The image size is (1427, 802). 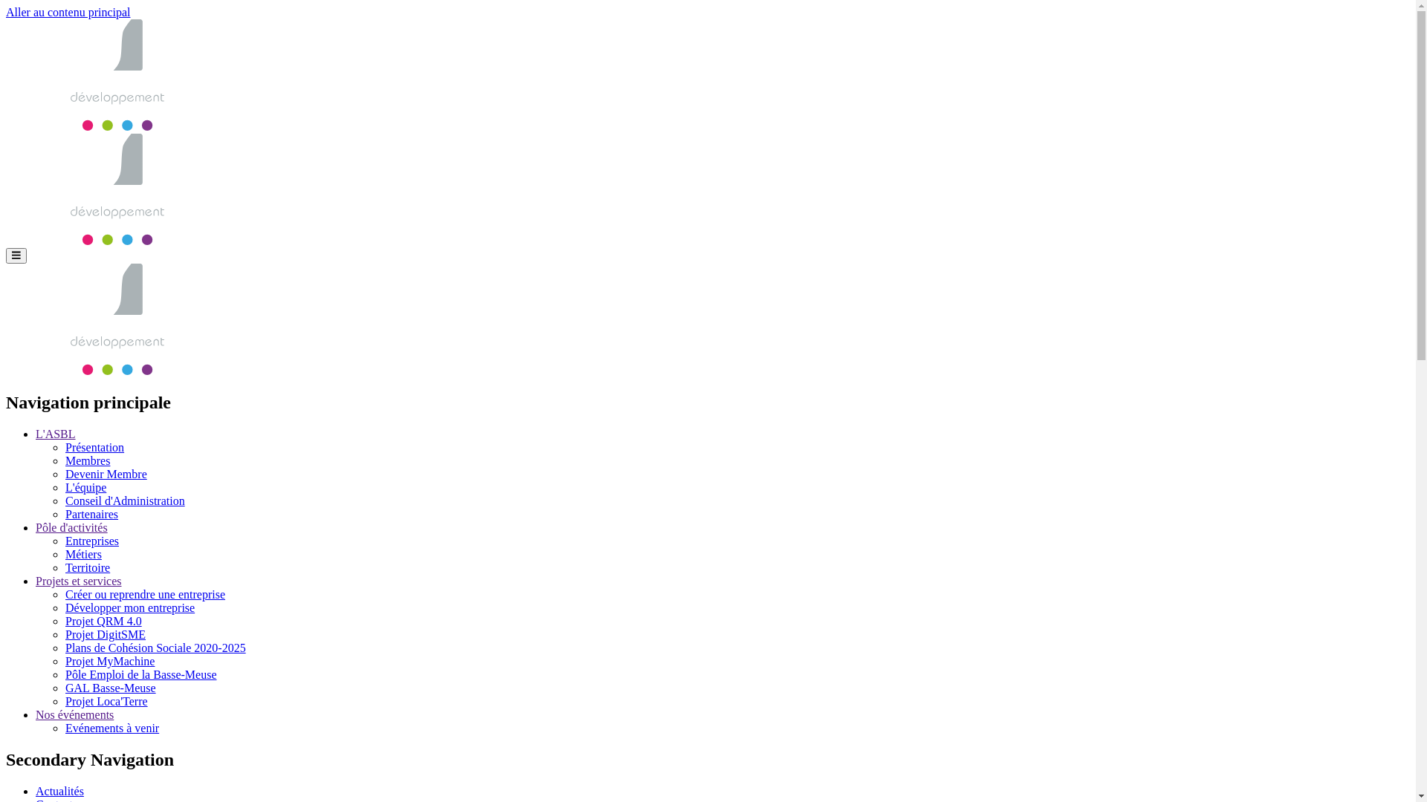 What do you see at coordinates (87, 567) in the screenshot?
I see `'Territoire'` at bounding box center [87, 567].